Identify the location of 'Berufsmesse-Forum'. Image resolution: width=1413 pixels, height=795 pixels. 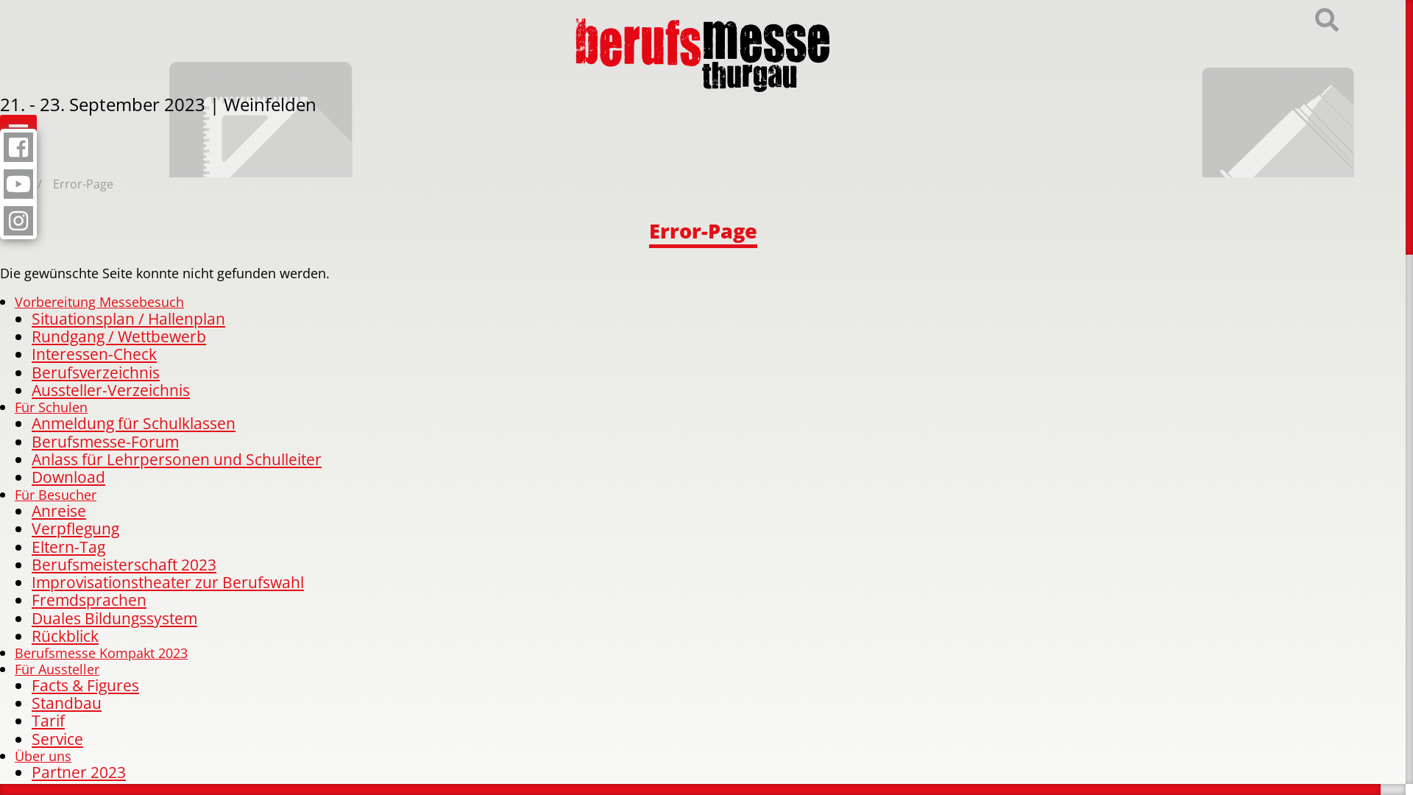
(105, 440).